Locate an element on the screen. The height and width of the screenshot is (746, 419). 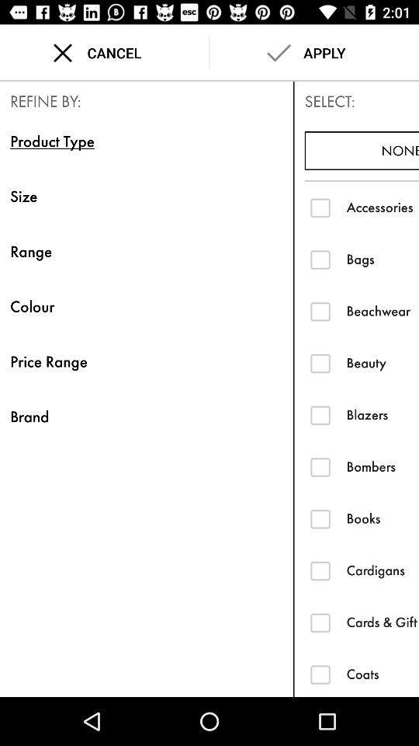
filter search is located at coordinates (320, 259).